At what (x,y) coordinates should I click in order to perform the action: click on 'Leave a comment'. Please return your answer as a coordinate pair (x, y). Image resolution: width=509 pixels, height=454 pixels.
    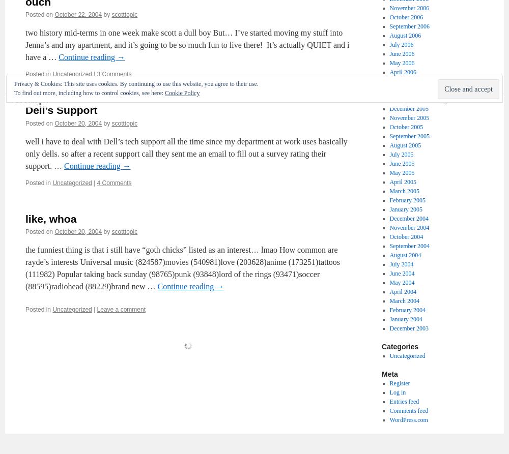
    Looking at the image, I should click on (120, 309).